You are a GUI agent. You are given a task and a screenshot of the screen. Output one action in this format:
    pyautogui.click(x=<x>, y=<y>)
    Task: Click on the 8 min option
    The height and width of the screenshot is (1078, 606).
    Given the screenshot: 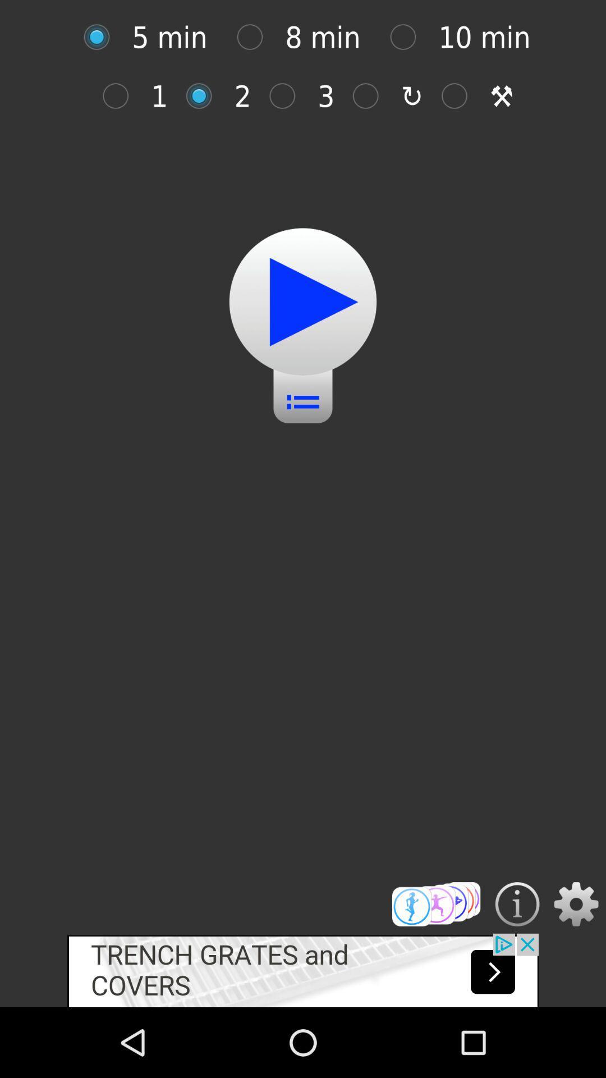 What is the action you would take?
    pyautogui.click(x=255, y=37)
    